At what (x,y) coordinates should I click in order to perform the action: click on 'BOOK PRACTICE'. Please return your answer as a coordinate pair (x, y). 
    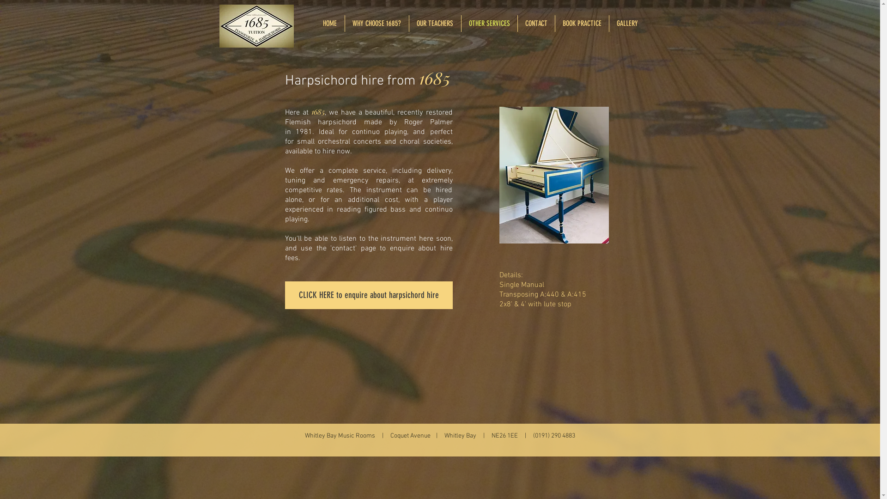
    Looking at the image, I should click on (581, 23).